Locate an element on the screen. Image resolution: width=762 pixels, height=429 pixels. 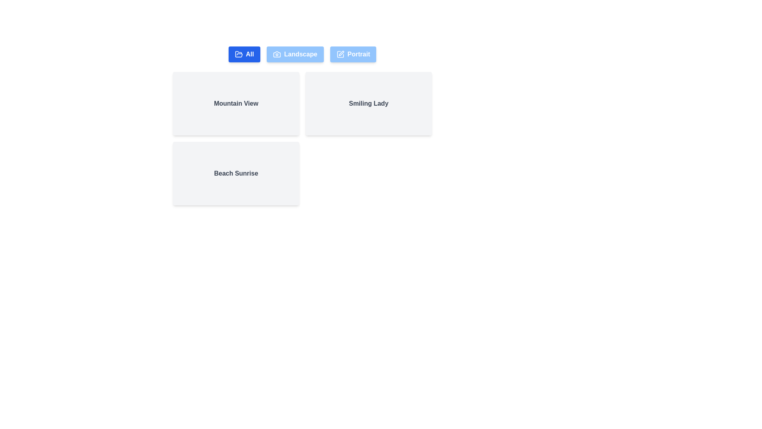
the photo card labeled Beach Sunrise to focus on it is located at coordinates (236, 173).